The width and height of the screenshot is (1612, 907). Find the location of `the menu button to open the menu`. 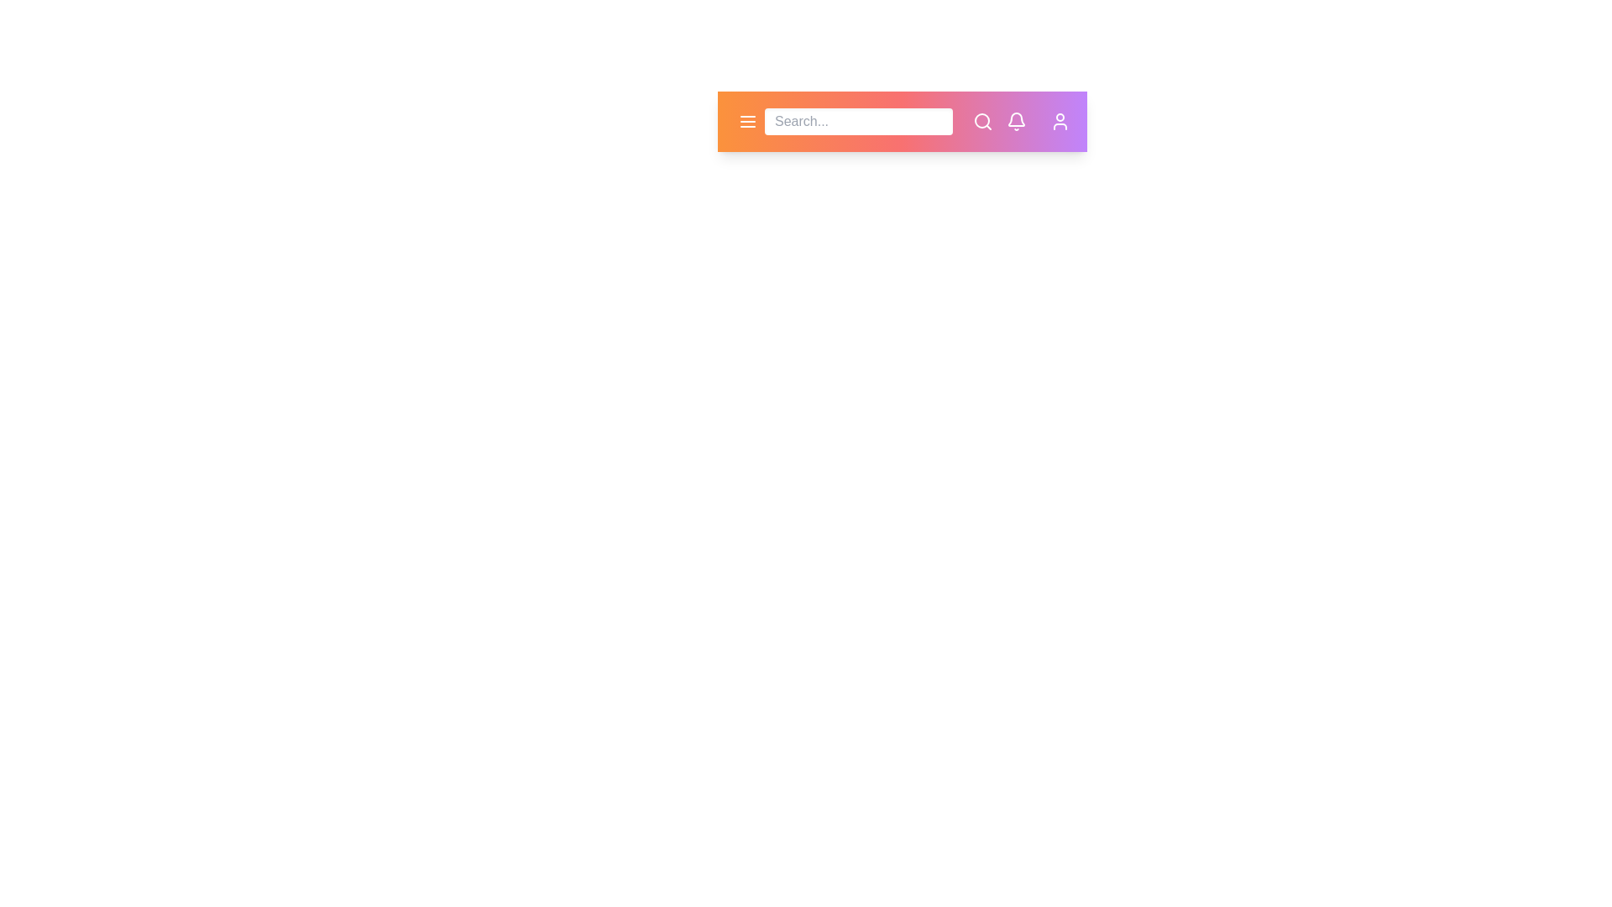

the menu button to open the menu is located at coordinates (747, 121).